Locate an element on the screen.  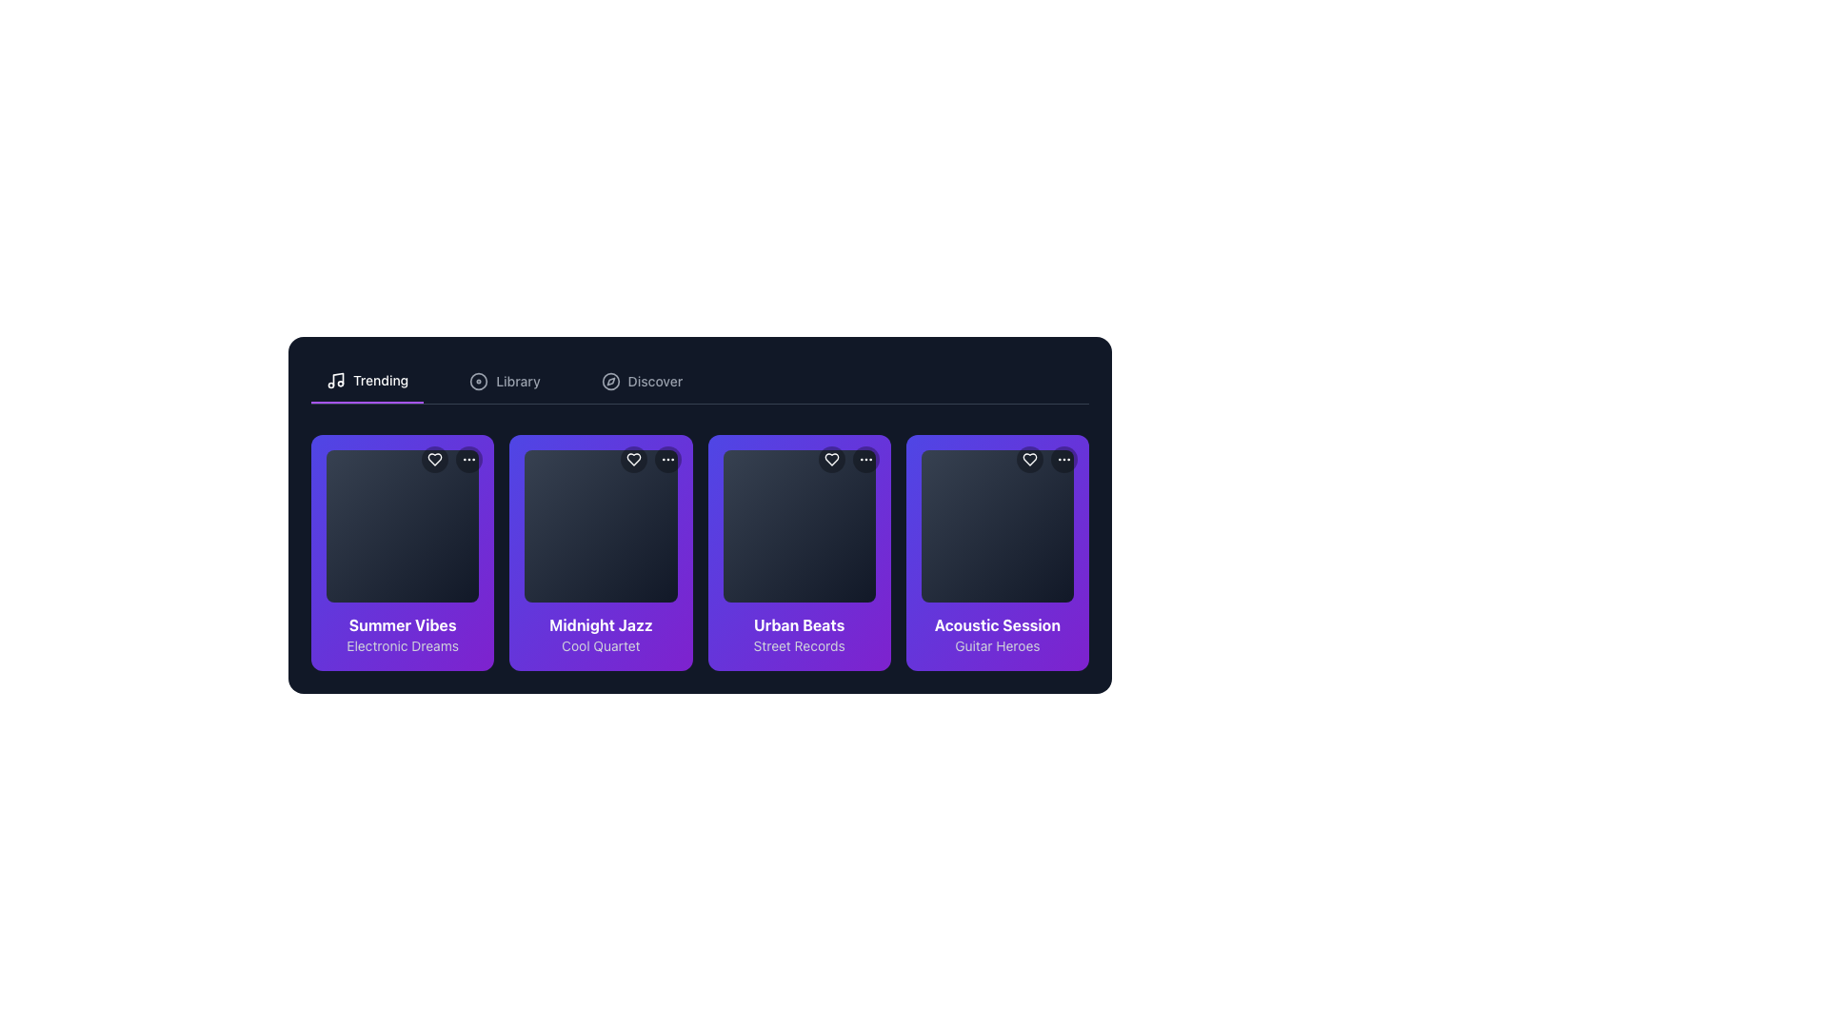
text content of the subtitle label located below the 'Midnight Jazz' title in the second card of the grid layout within the 'Trending' tab interface is located at coordinates (600, 645).